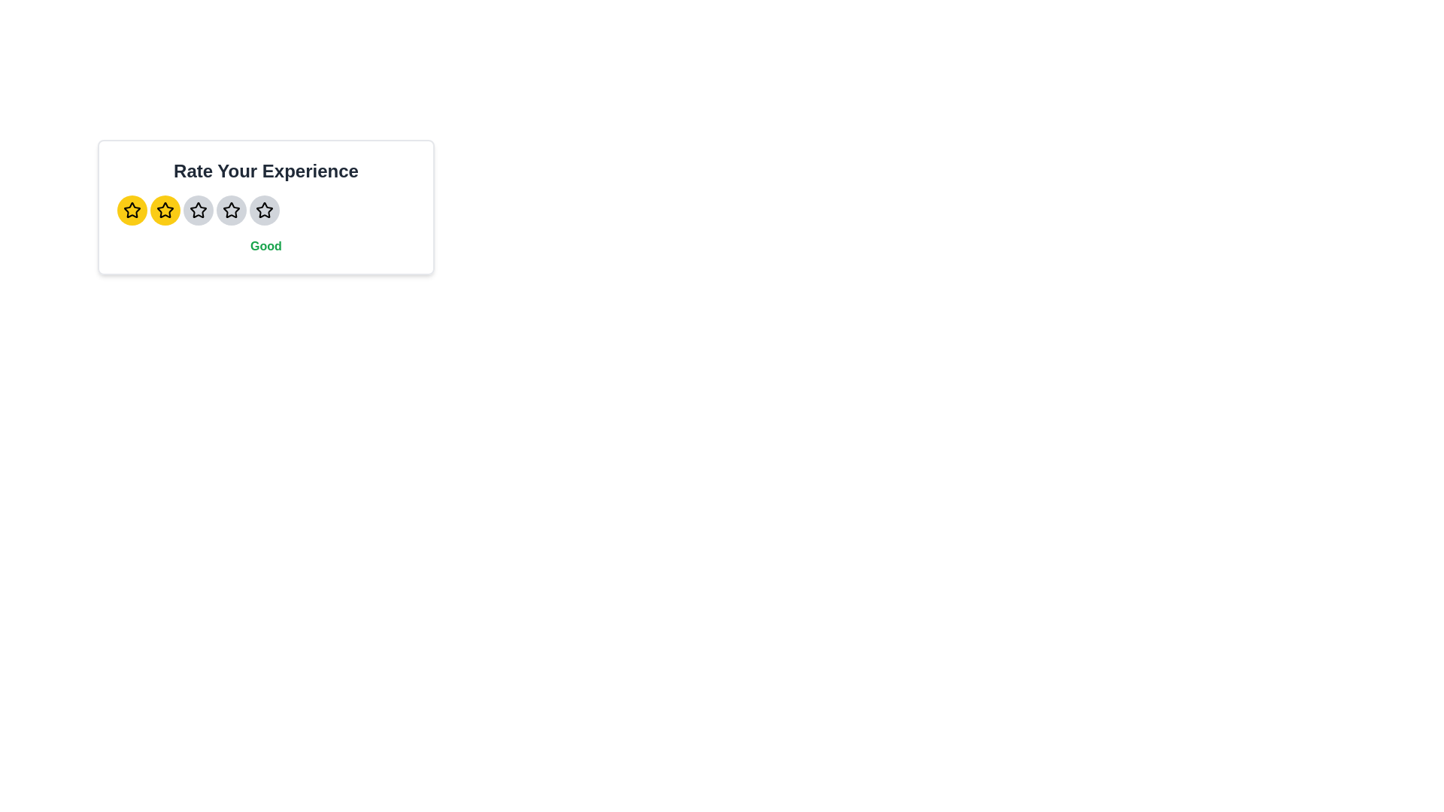 The width and height of the screenshot is (1444, 812). What do you see at coordinates (263, 209) in the screenshot?
I see `the fourth Rating Star Icon in the sequence under the title 'Rate Your Experience'` at bounding box center [263, 209].